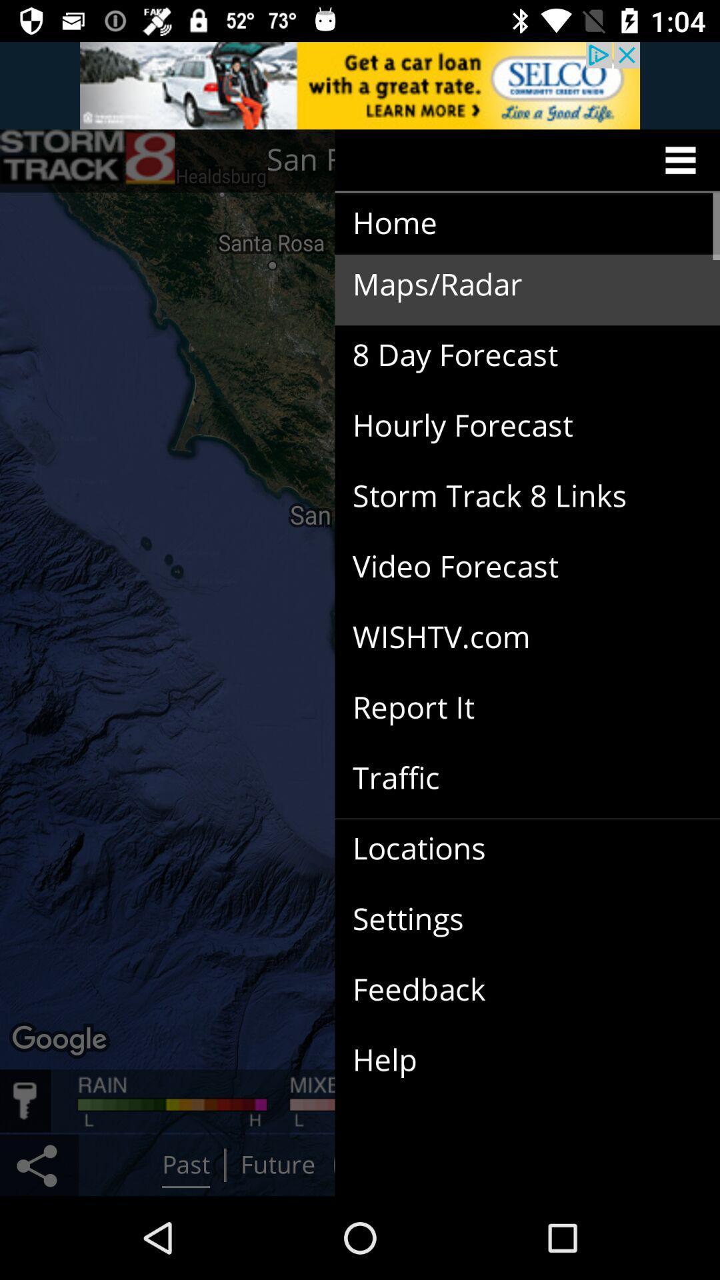 The image size is (720, 1280). Describe the element at coordinates (39, 1164) in the screenshot. I see `the share icon` at that location.